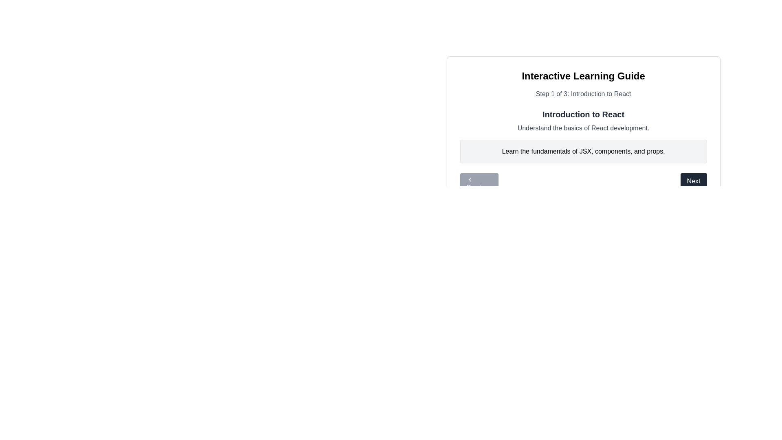 Image resolution: width=782 pixels, height=440 pixels. I want to click on the header text that indicates the main title for the section, located at the top of the central card-like interface, so click(583, 76).